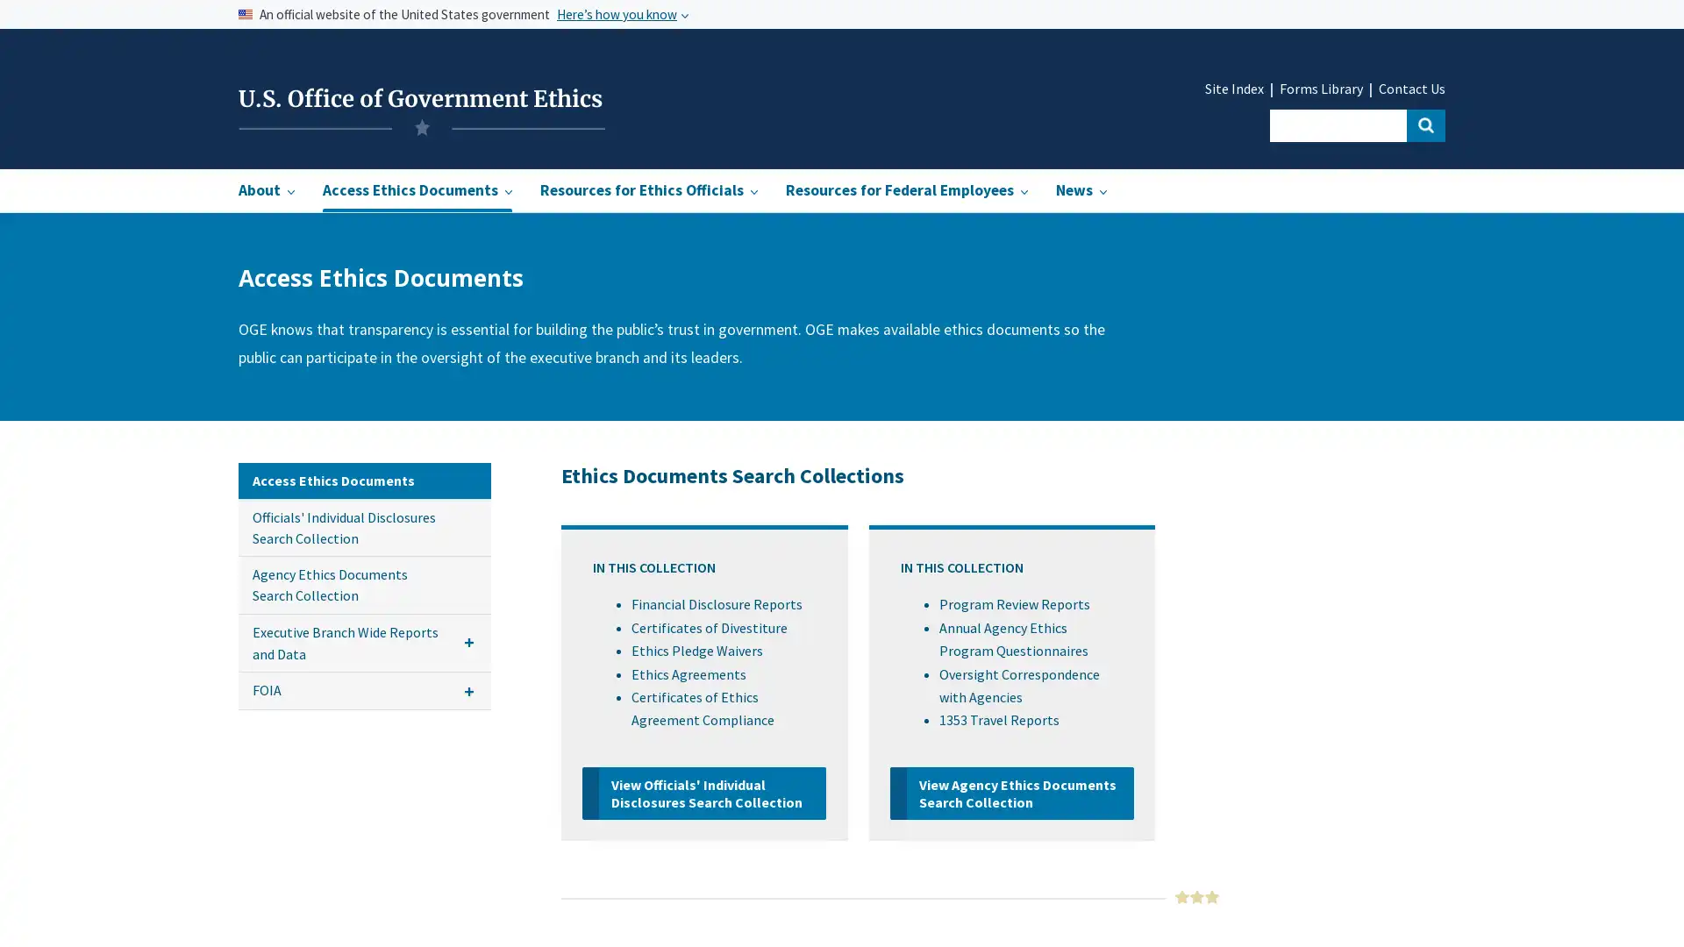 The width and height of the screenshot is (1684, 947). Describe the element at coordinates (416, 189) in the screenshot. I see `Access Ethics Documents` at that location.